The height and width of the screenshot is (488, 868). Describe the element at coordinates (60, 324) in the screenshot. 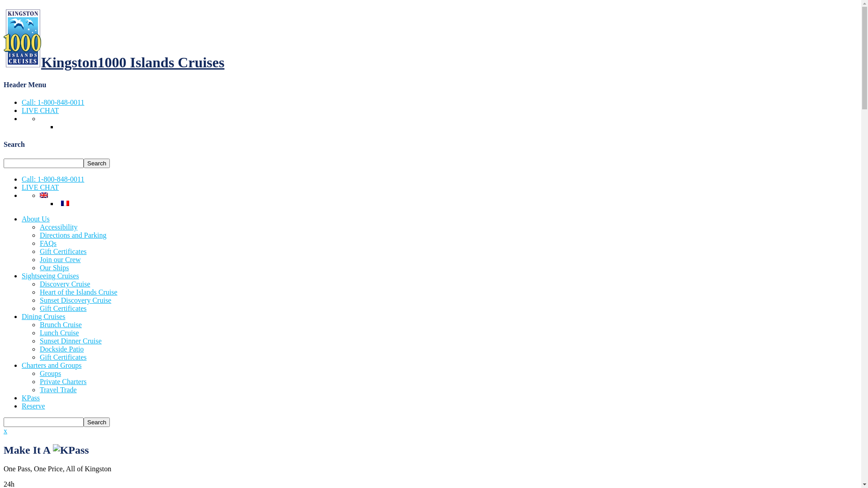

I see `'Brunch Cruise'` at that location.